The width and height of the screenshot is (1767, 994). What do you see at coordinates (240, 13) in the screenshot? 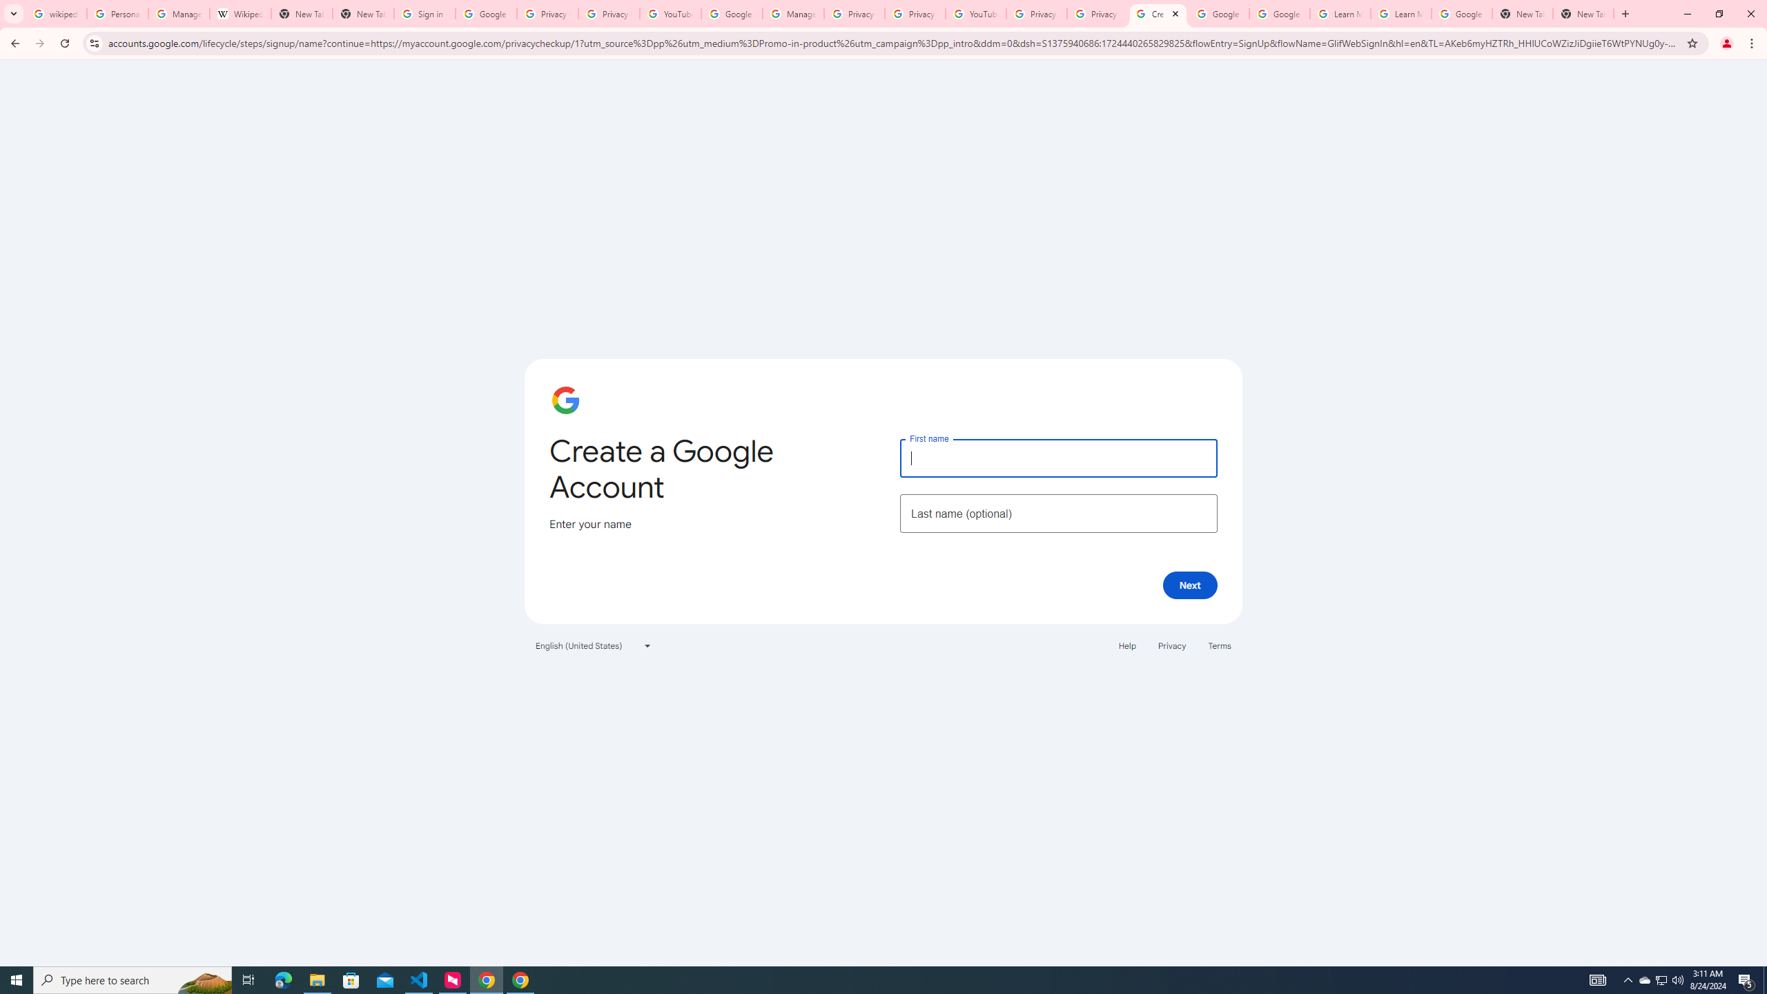
I see `'Wikipedia:Edit requests - Wikipedia'` at bounding box center [240, 13].